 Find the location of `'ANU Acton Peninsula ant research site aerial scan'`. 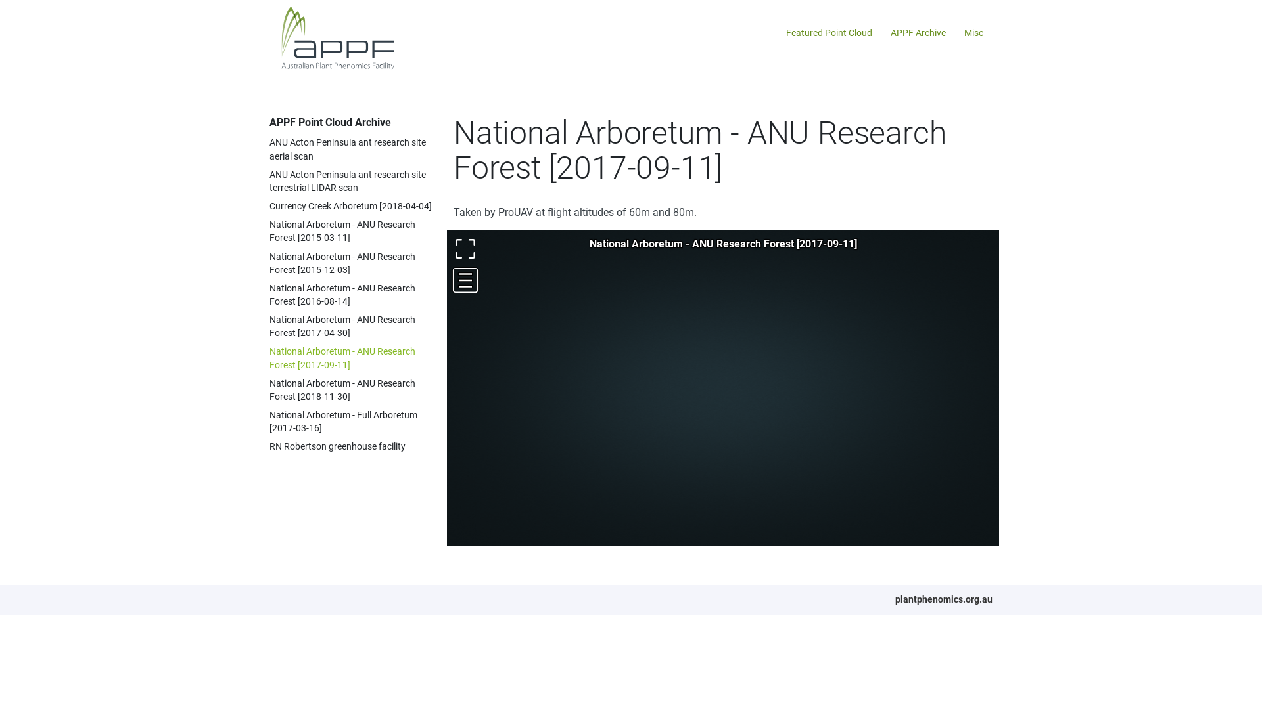

'ANU Acton Peninsula ant research site aerial scan' is located at coordinates (347, 148).